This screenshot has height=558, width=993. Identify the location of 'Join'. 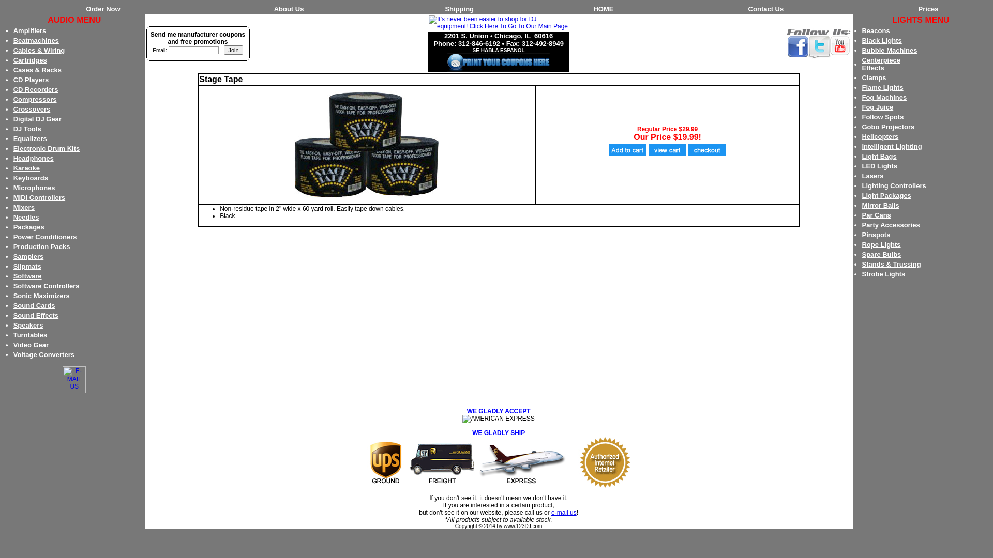
(233, 50).